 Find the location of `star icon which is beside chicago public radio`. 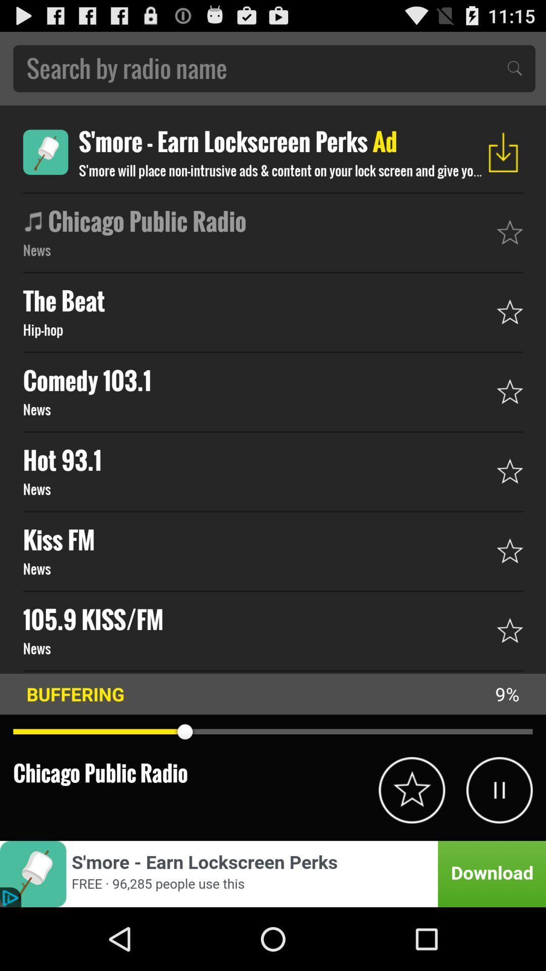

star icon which is beside chicago public radio is located at coordinates (510, 232).